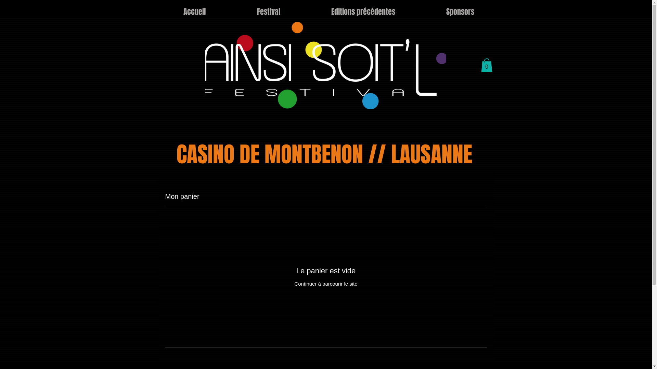 Image resolution: width=657 pixels, height=369 pixels. Describe the element at coordinates (460, 12) in the screenshot. I see `'Sponsors'` at that location.